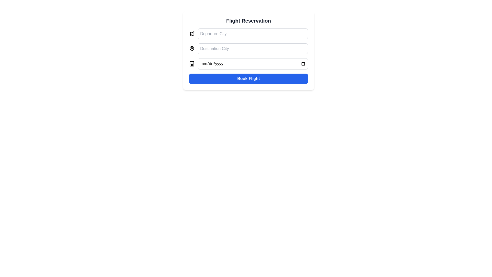 The height and width of the screenshot is (277, 492). What do you see at coordinates (248, 79) in the screenshot?
I see `the 'Book Flight' button` at bounding box center [248, 79].